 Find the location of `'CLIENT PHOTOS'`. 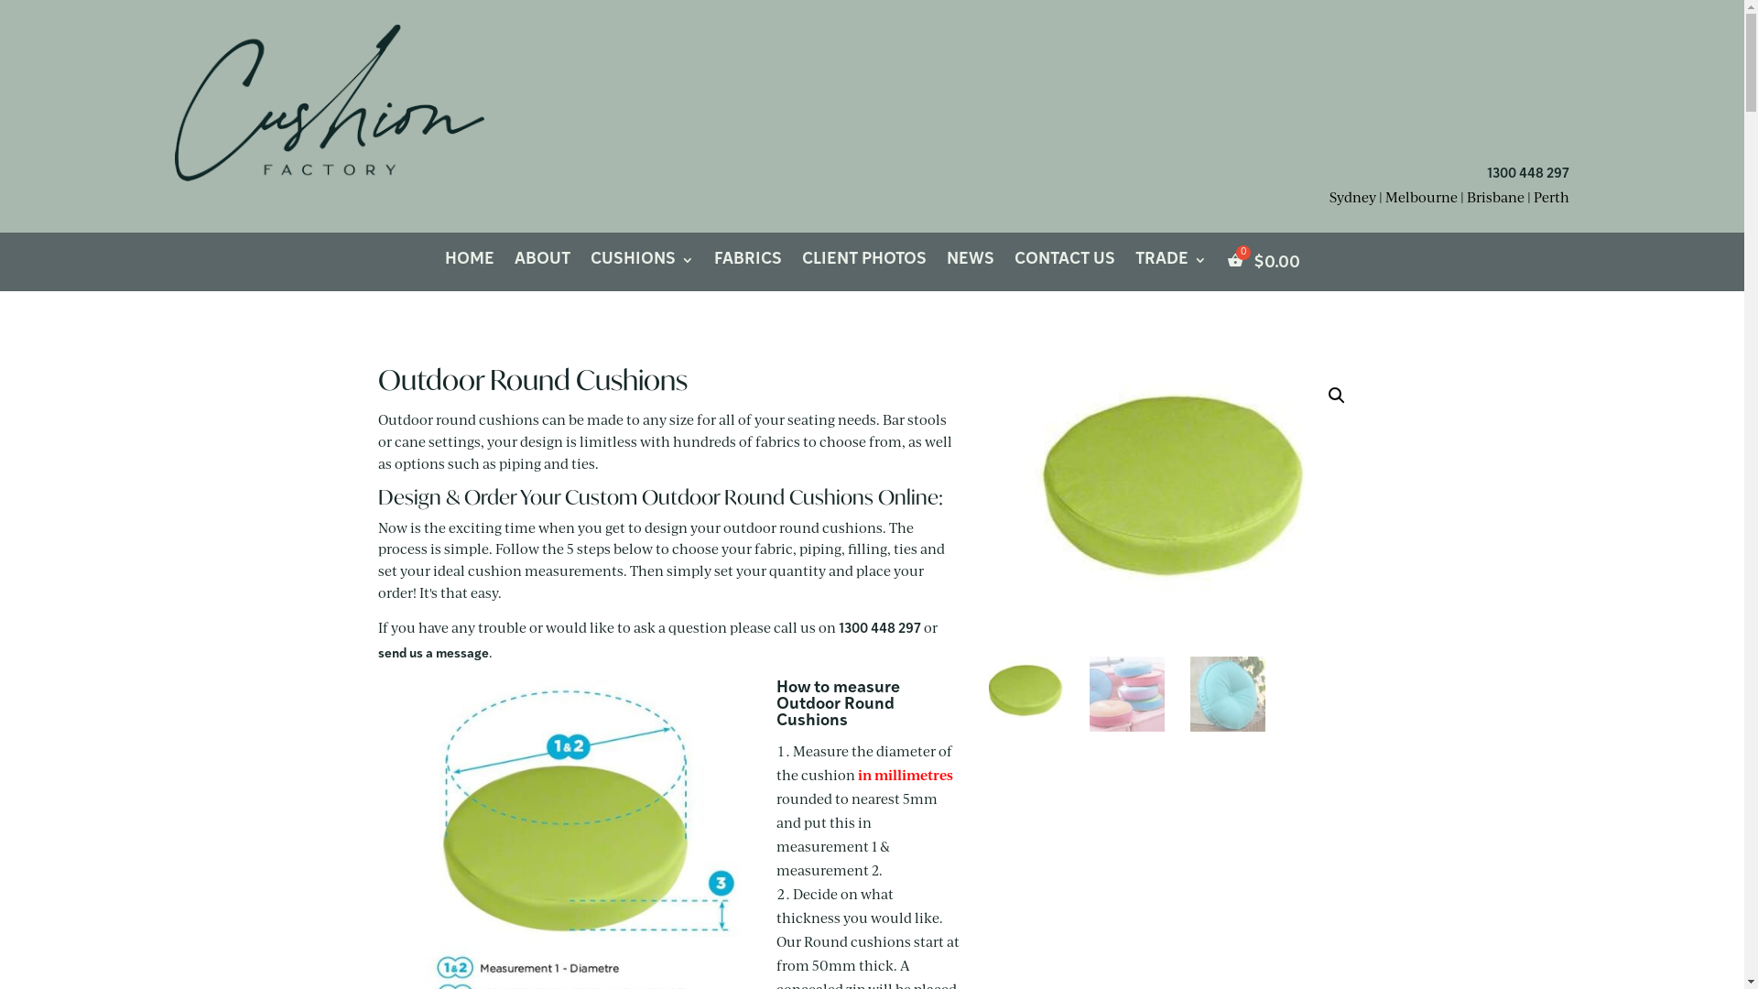

'CLIENT PHOTOS' is located at coordinates (863, 265).